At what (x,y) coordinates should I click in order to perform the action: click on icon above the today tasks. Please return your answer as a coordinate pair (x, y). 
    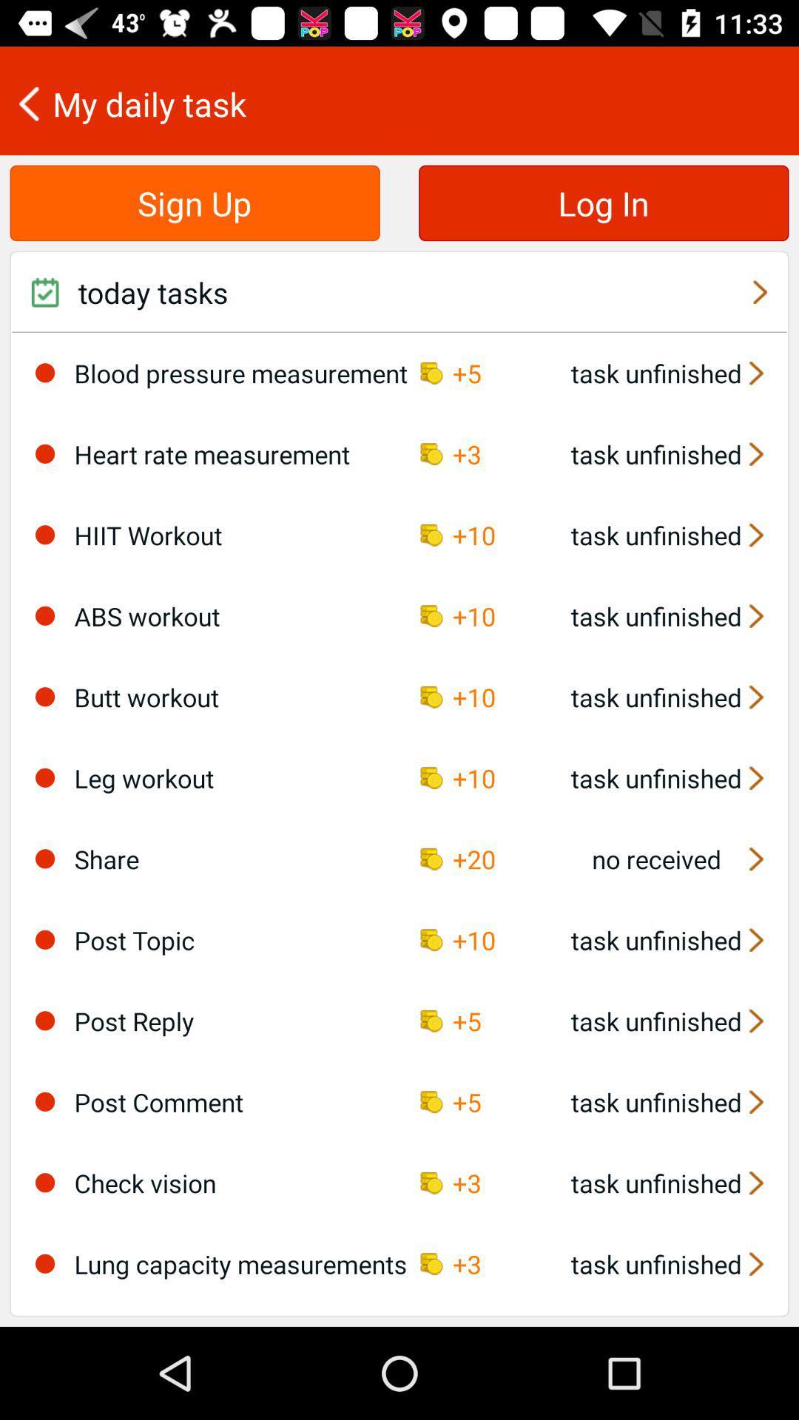
    Looking at the image, I should click on (604, 202).